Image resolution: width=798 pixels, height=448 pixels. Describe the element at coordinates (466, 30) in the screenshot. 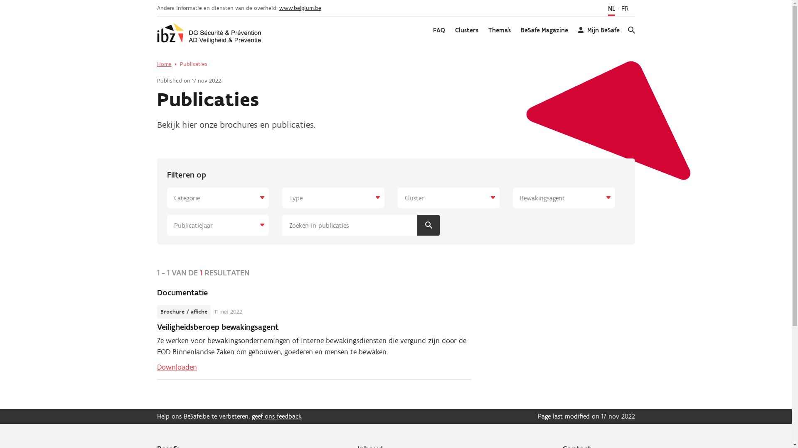

I see `'Clusters'` at that location.